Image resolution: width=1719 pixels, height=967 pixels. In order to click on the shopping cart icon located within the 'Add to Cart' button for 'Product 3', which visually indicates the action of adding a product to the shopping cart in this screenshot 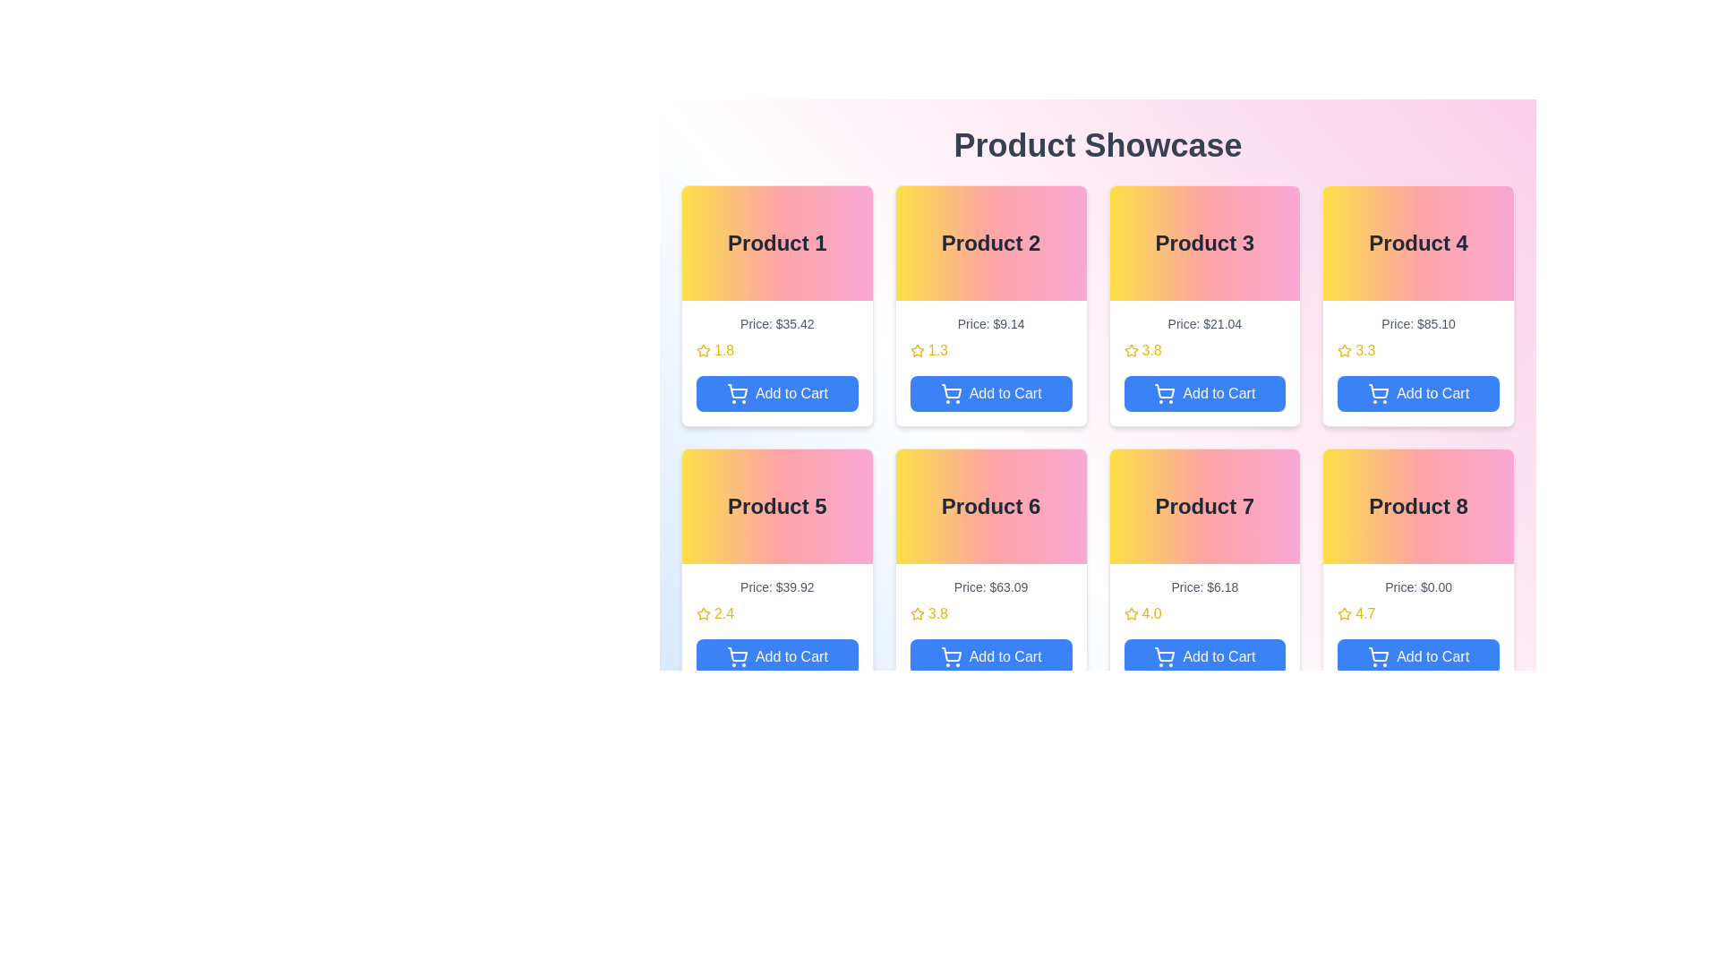, I will do `click(1165, 390)`.